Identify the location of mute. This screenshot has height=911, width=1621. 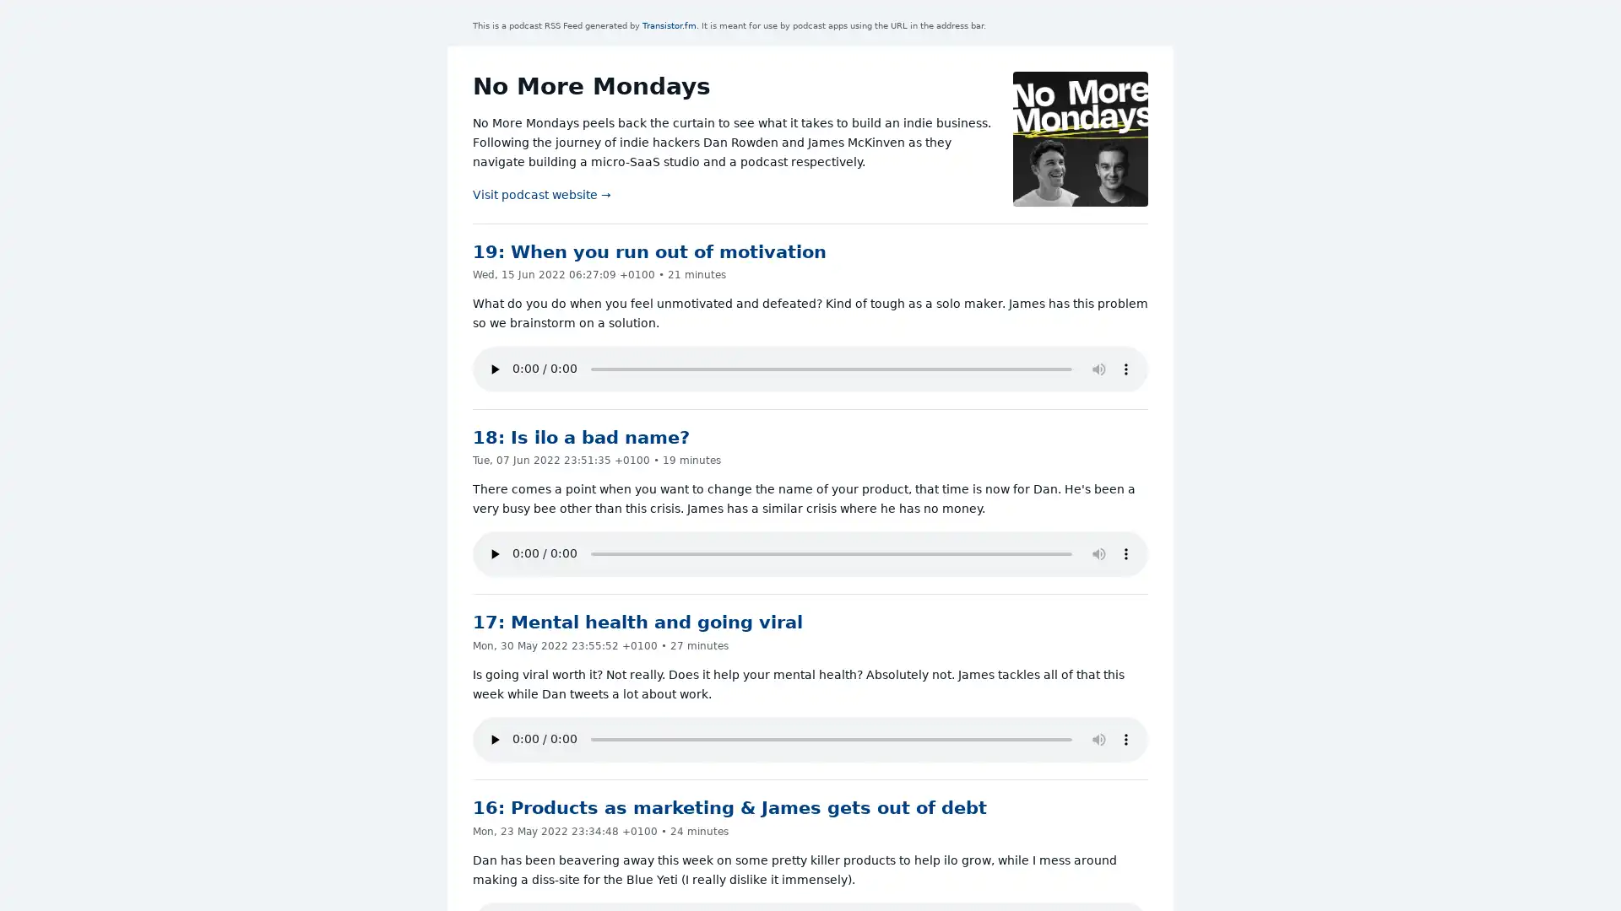
(1098, 367).